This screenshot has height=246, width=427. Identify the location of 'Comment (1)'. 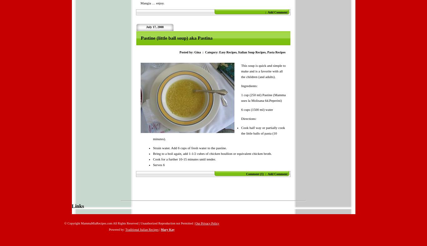
(254, 174).